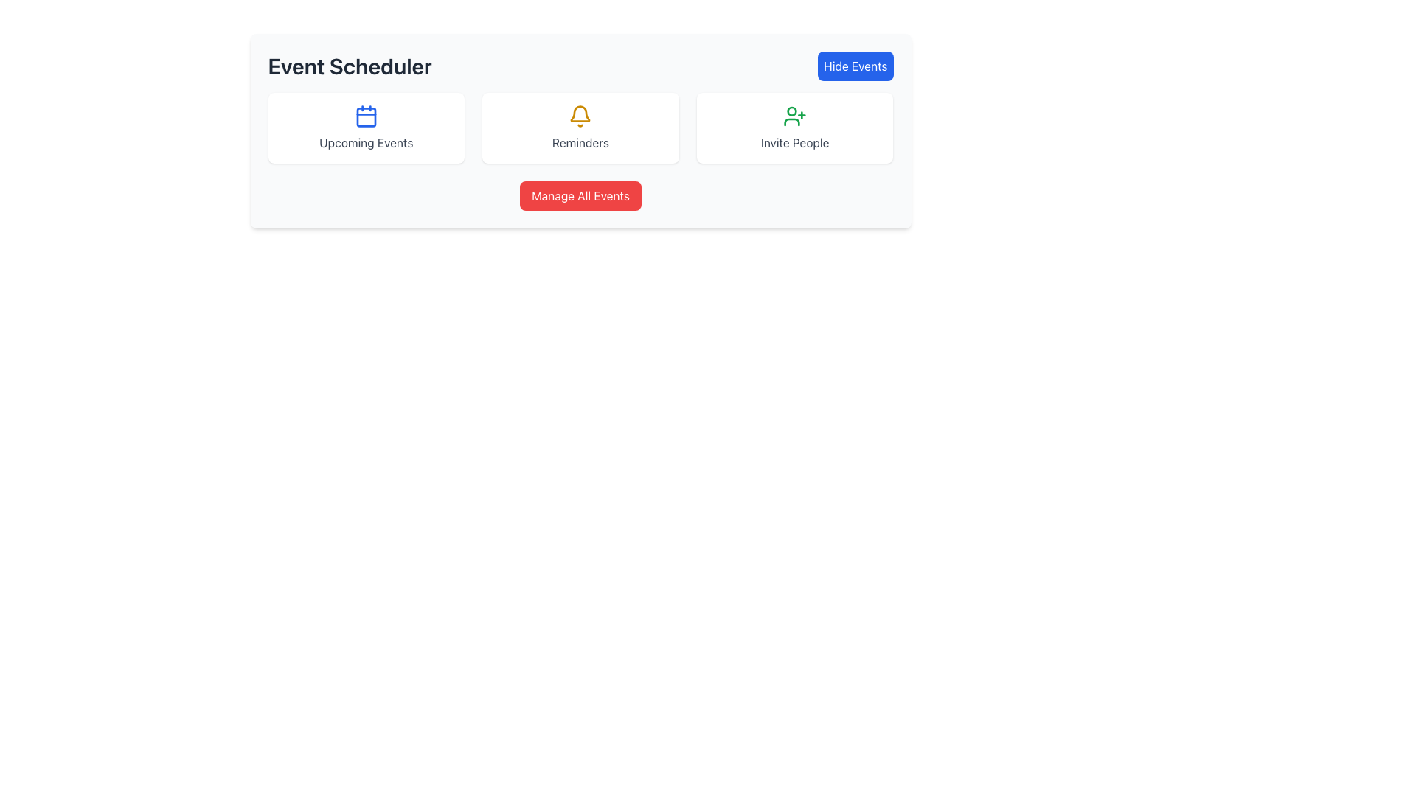 The width and height of the screenshot is (1416, 796). I want to click on the text element that reads 'Event Scheduler', which is a large, bold header styled in dark gray, located in the upper-left section of the interface, so click(349, 65).